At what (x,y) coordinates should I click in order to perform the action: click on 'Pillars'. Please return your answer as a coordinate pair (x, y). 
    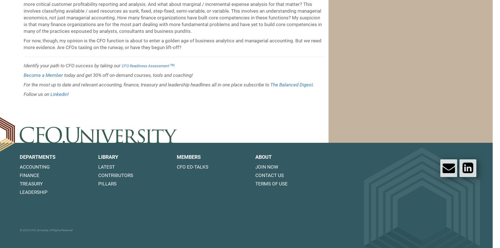
    Looking at the image, I should click on (107, 183).